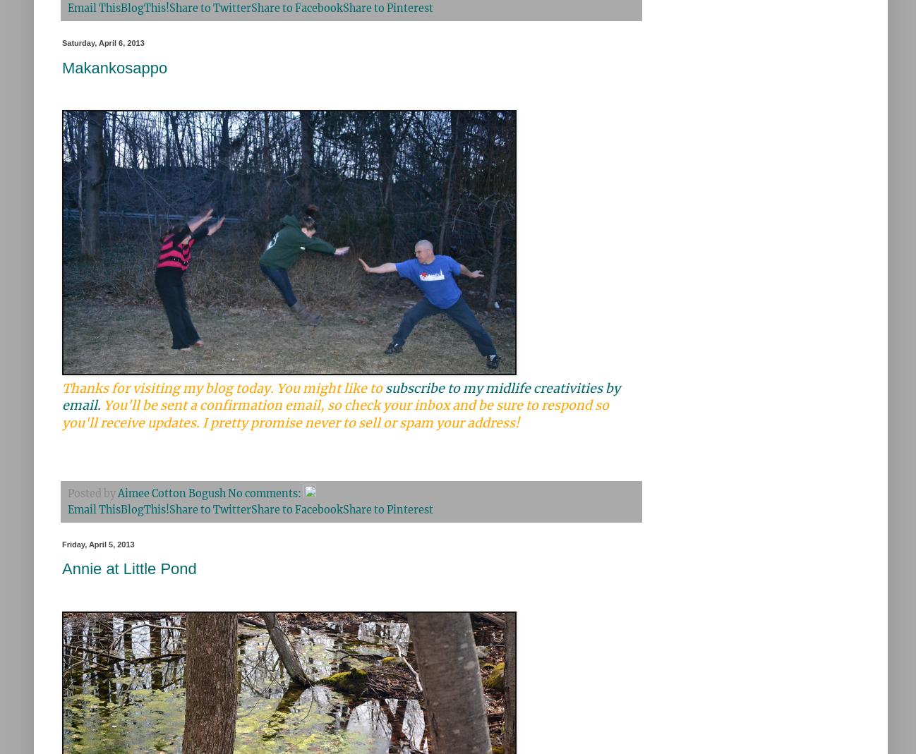 Image resolution: width=916 pixels, height=754 pixels. I want to click on 'Posted by', so click(92, 492).